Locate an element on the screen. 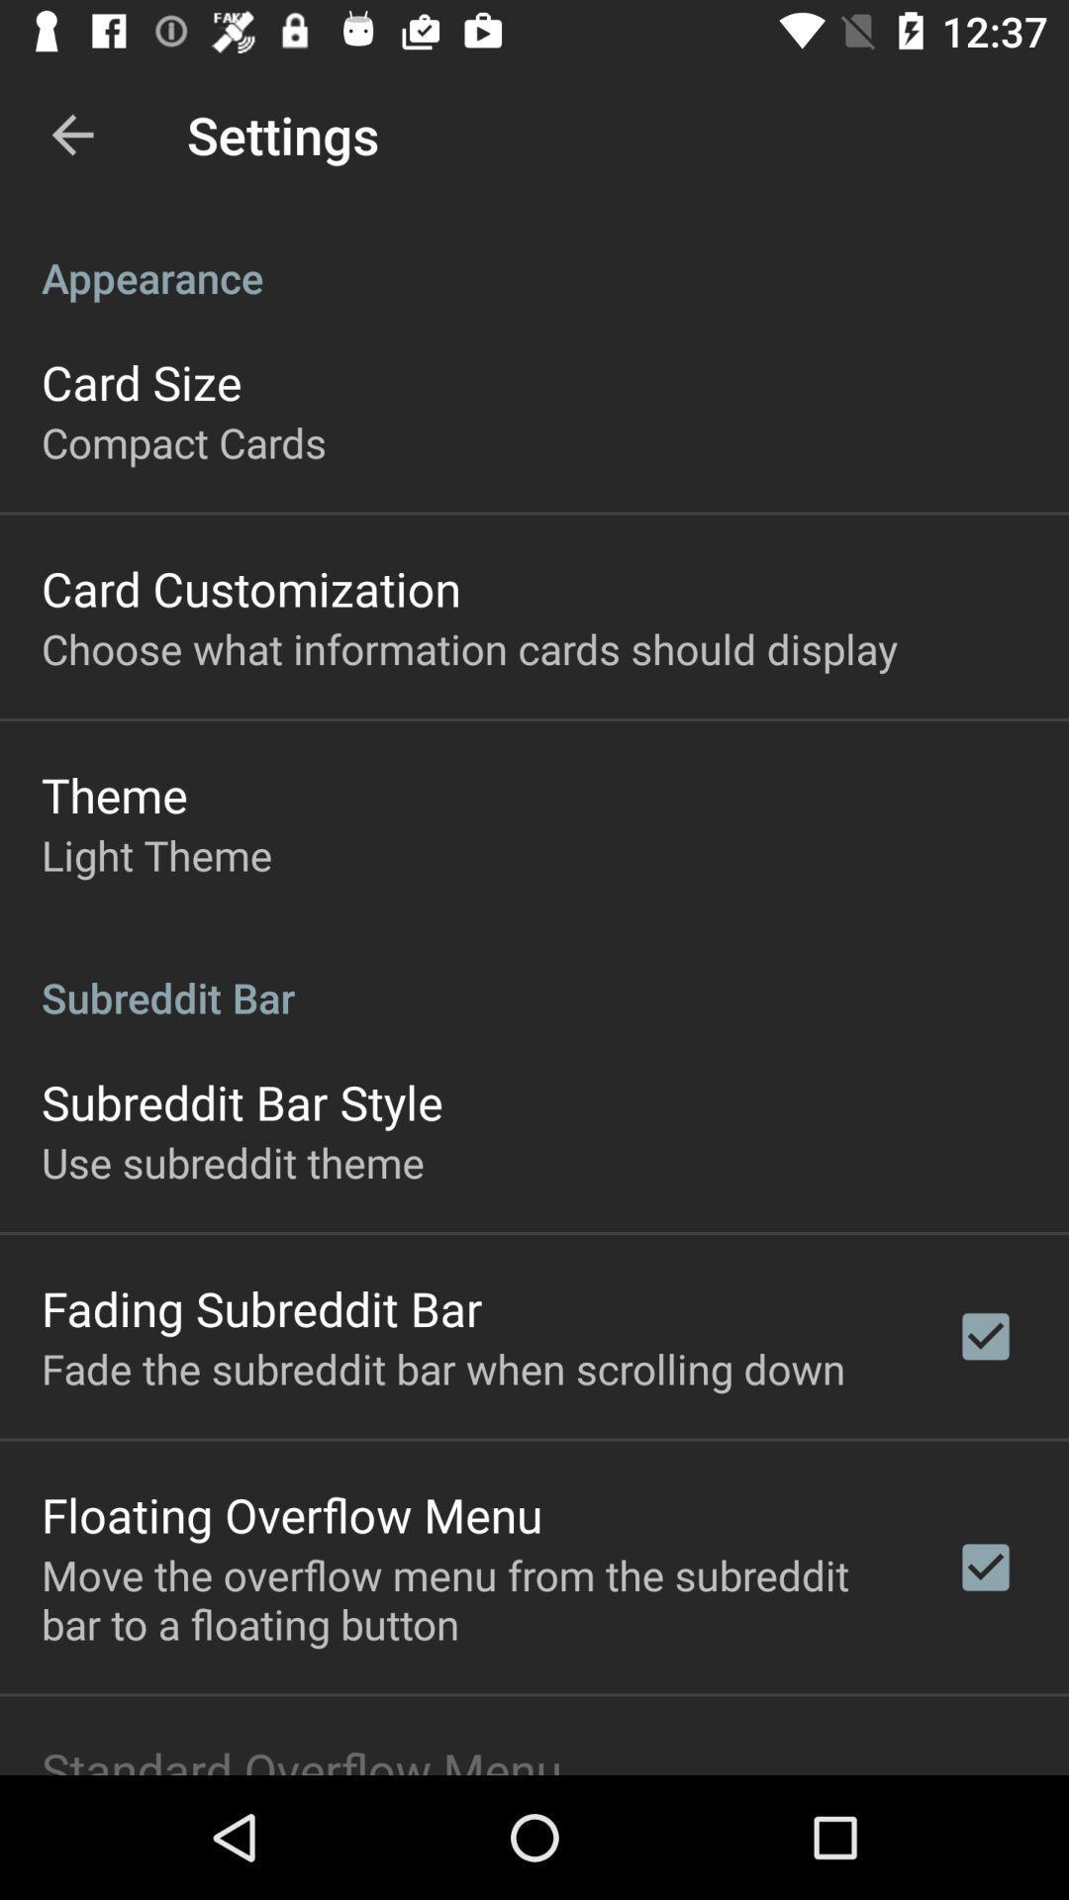 The height and width of the screenshot is (1900, 1069). the app above the card size item is located at coordinates (534, 255).